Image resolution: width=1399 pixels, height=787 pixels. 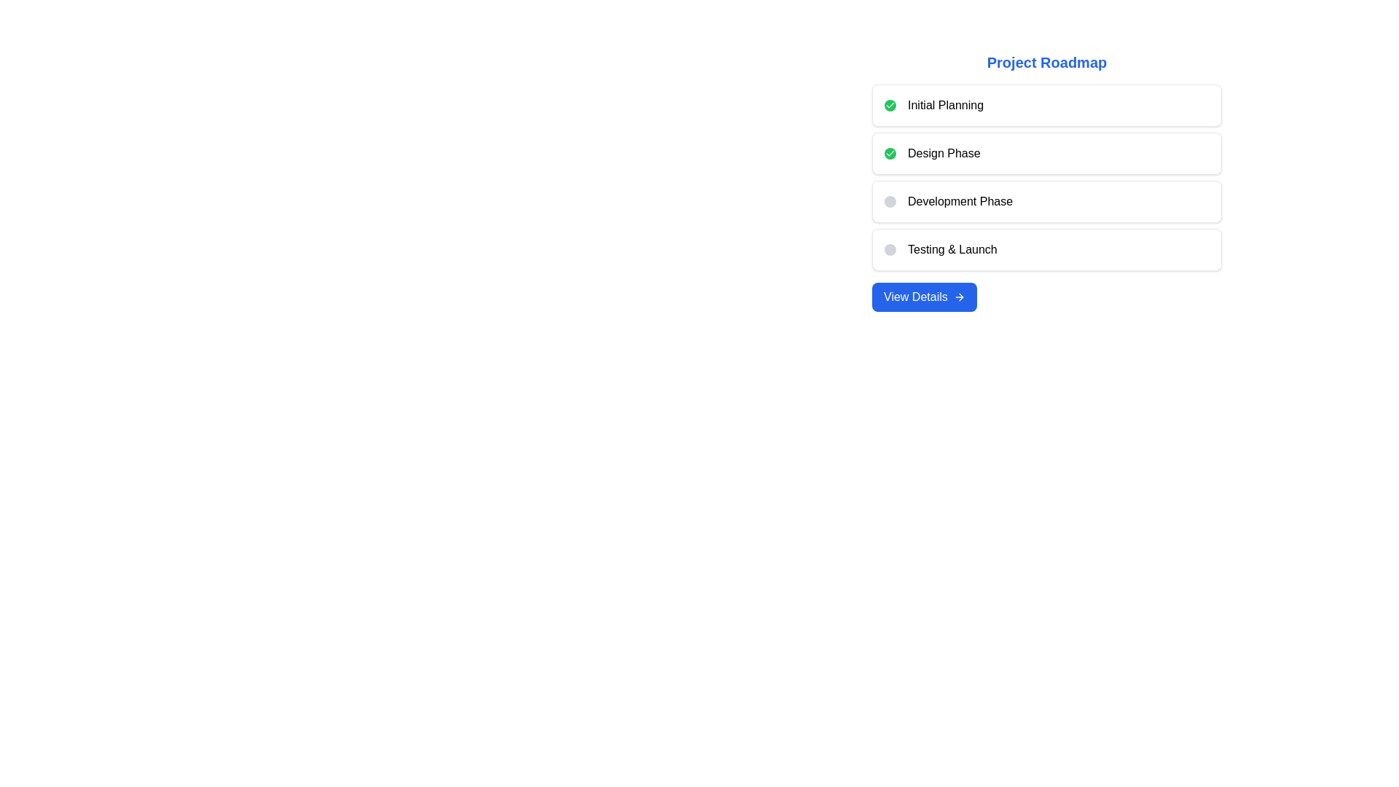 What do you see at coordinates (890, 105) in the screenshot?
I see `the small circular Status indicator icon with a green background and a white checkmark, located at the far left of the 'Initial Planning' row` at bounding box center [890, 105].